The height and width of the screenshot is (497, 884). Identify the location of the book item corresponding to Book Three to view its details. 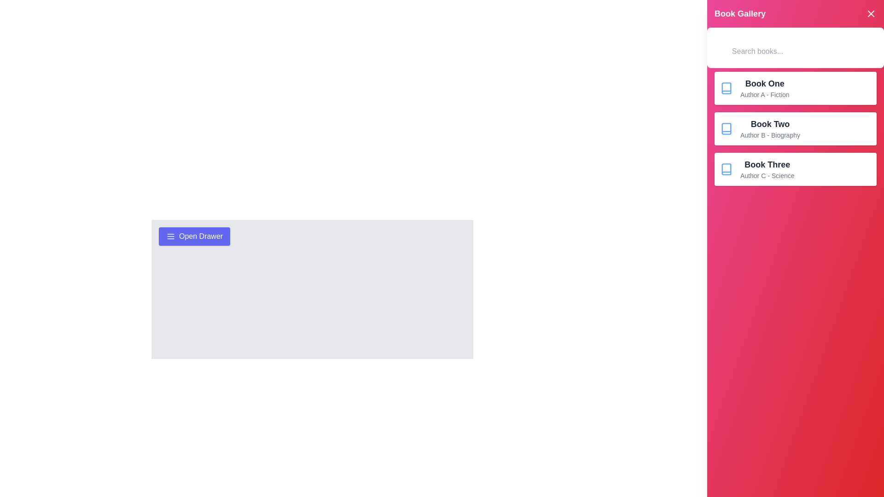
(795, 169).